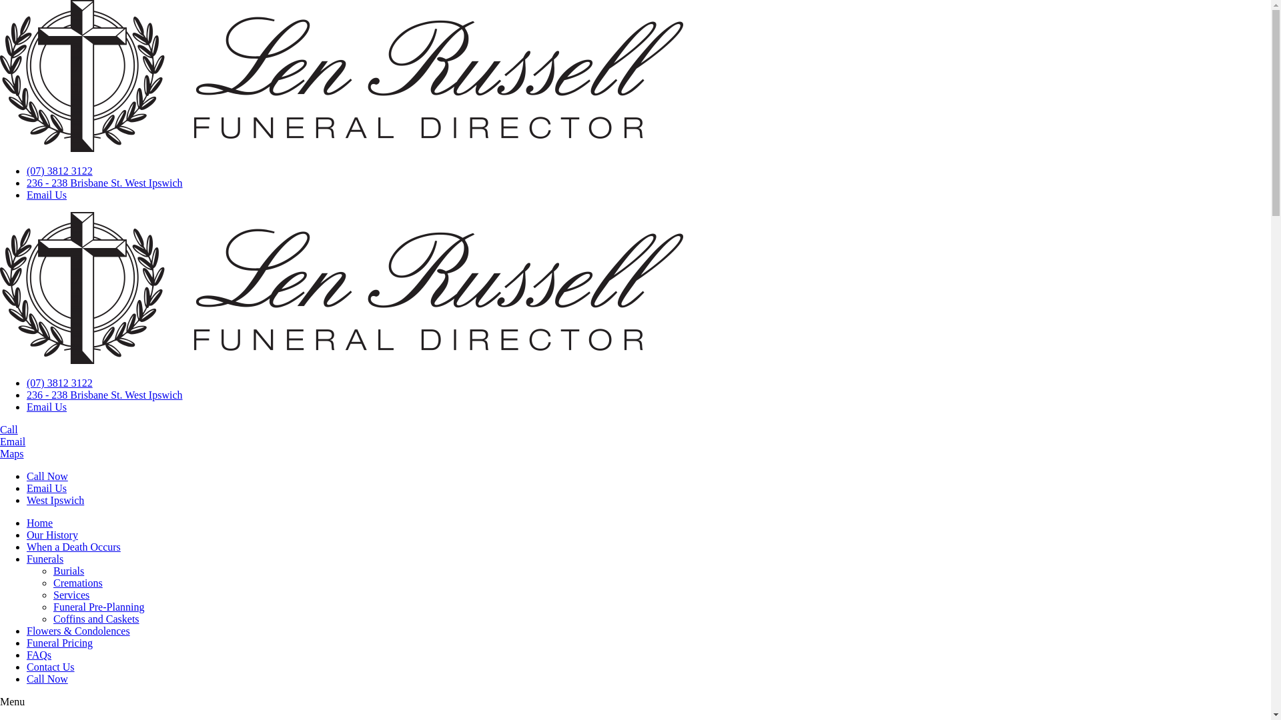 The height and width of the screenshot is (720, 1281). What do you see at coordinates (45, 559) in the screenshot?
I see `'Funerals'` at bounding box center [45, 559].